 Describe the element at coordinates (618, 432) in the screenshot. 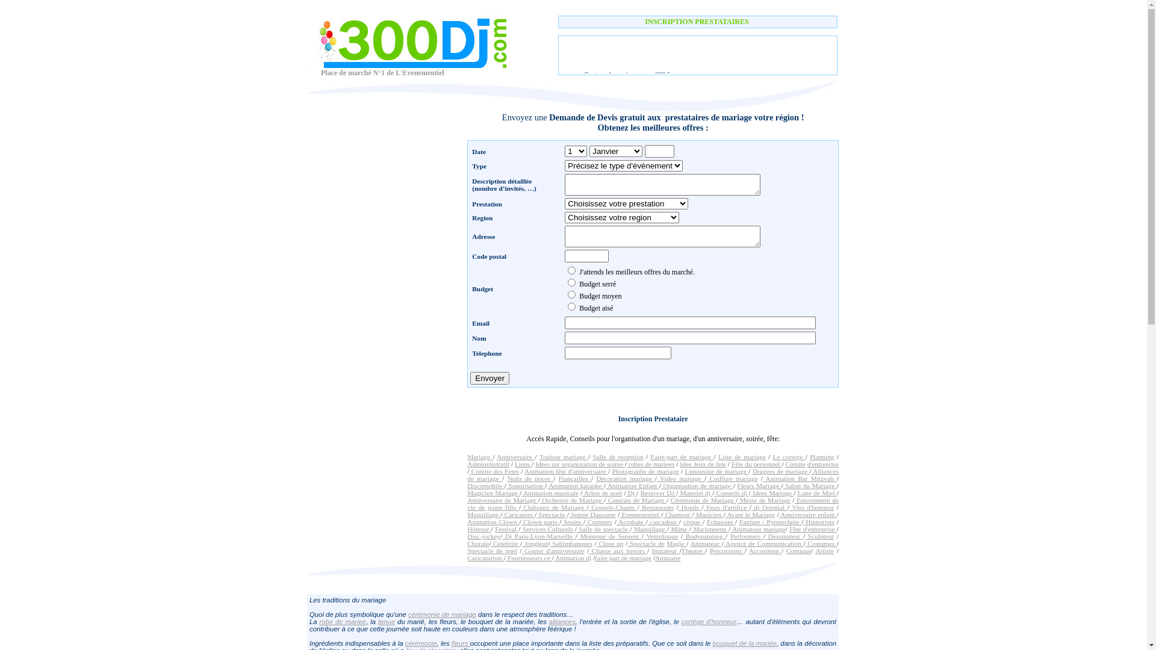

I see `'Inscription Prestataire'` at that location.